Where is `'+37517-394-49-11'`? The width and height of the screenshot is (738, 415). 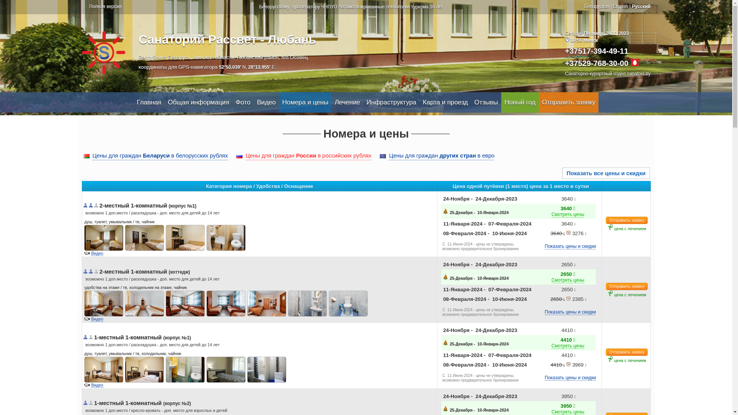
'+37517-394-49-11' is located at coordinates (596, 51).